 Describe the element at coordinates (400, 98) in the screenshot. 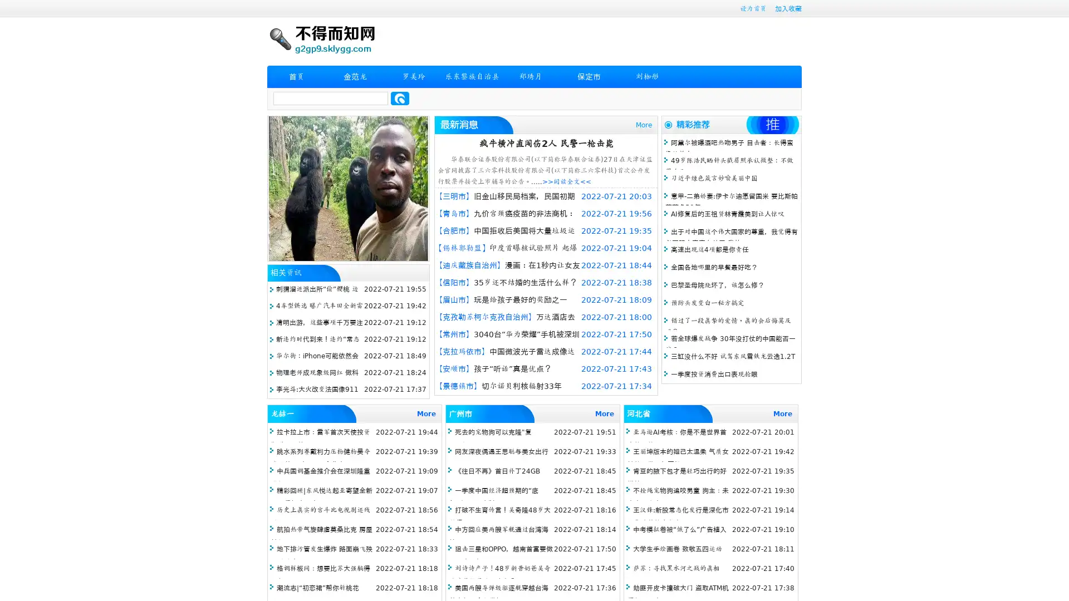

I see `Search` at that location.